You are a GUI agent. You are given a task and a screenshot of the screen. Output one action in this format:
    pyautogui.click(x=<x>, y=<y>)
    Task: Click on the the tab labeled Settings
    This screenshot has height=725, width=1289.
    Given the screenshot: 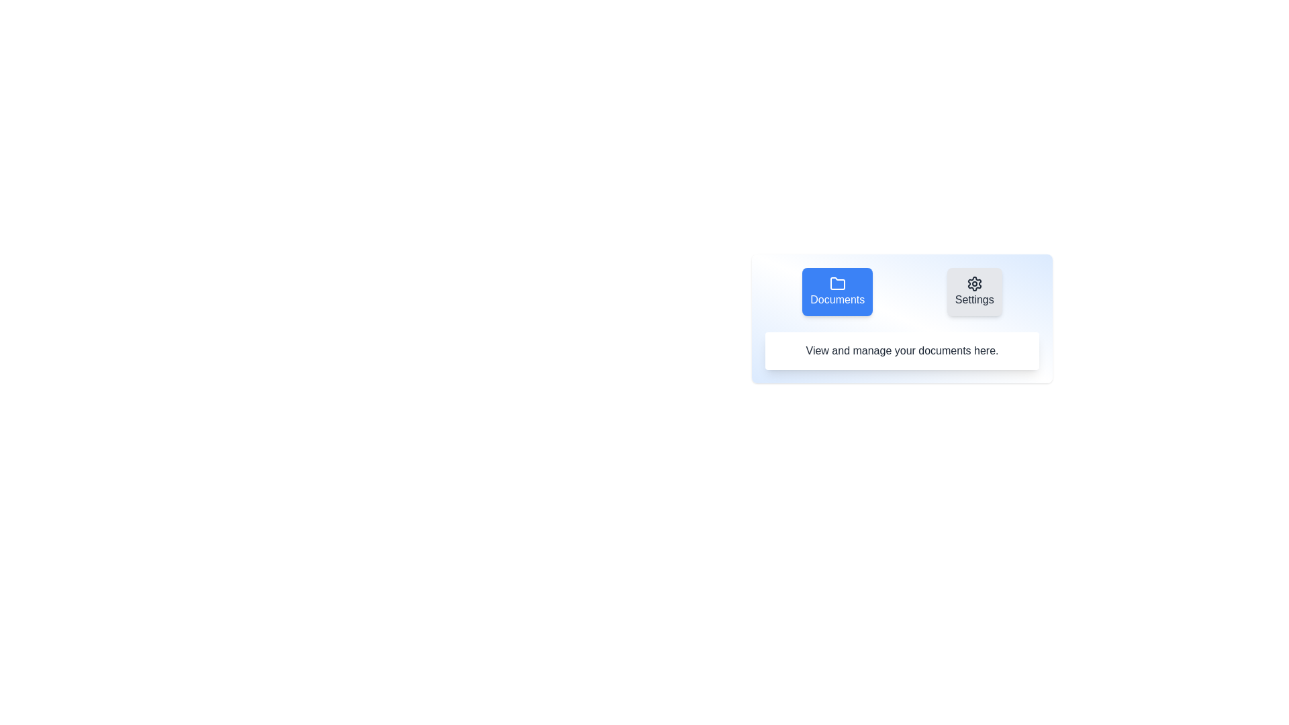 What is the action you would take?
    pyautogui.click(x=974, y=291)
    